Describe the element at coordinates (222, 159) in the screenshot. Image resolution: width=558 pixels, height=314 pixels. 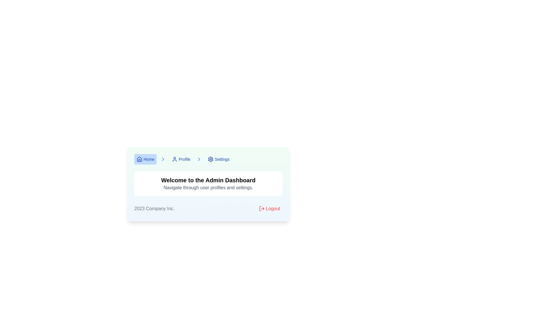
I see `the 'Settings' breadcrumb text label` at that location.